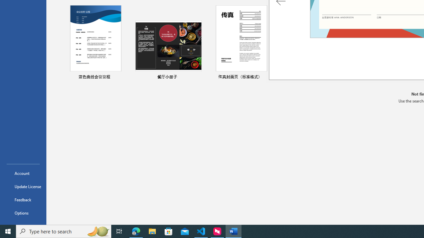 The image size is (424, 238). I want to click on 'Feedback', so click(23, 199).